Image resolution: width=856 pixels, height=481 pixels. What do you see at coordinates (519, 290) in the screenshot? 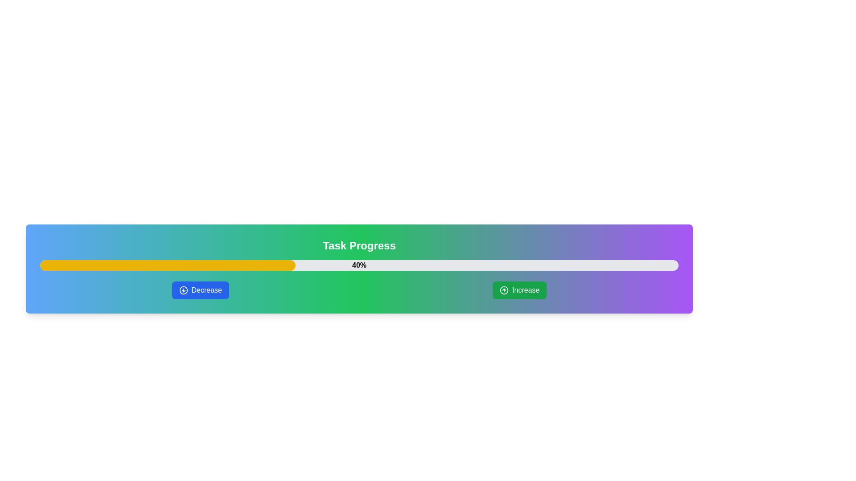
I see `the green 'Increase' button with an upward arrow icon to increase the value` at bounding box center [519, 290].